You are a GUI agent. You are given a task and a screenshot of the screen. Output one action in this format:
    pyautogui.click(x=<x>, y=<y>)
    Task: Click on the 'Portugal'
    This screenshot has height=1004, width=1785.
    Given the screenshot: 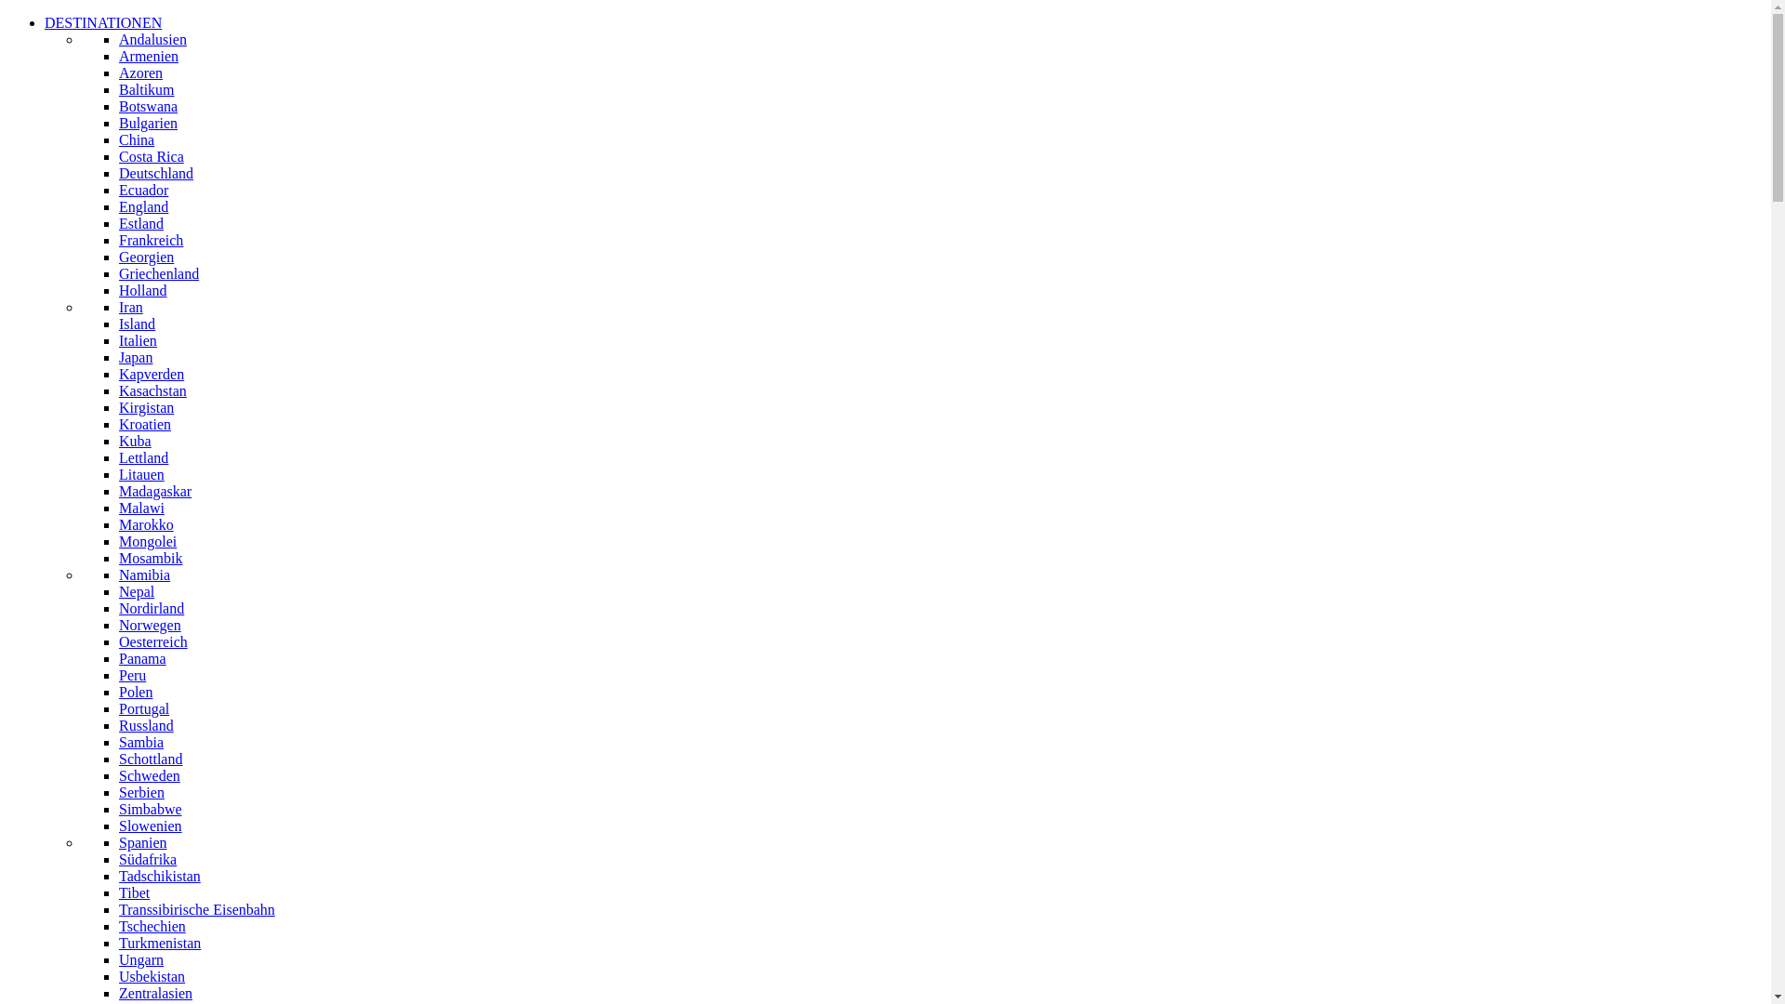 What is the action you would take?
    pyautogui.click(x=142, y=708)
    